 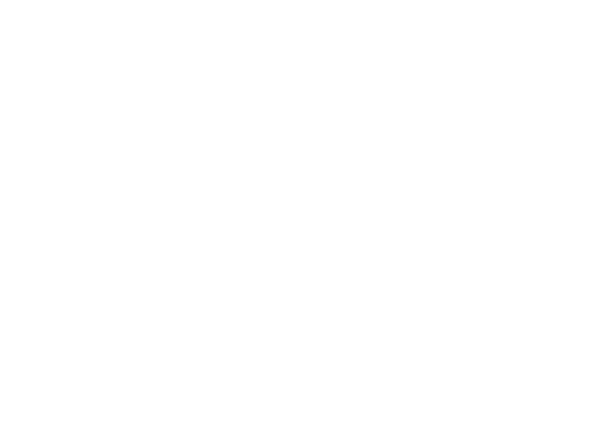 I want to click on 'Honorary Consul of Estonia in Montreal, Canada', so click(x=178, y=119).